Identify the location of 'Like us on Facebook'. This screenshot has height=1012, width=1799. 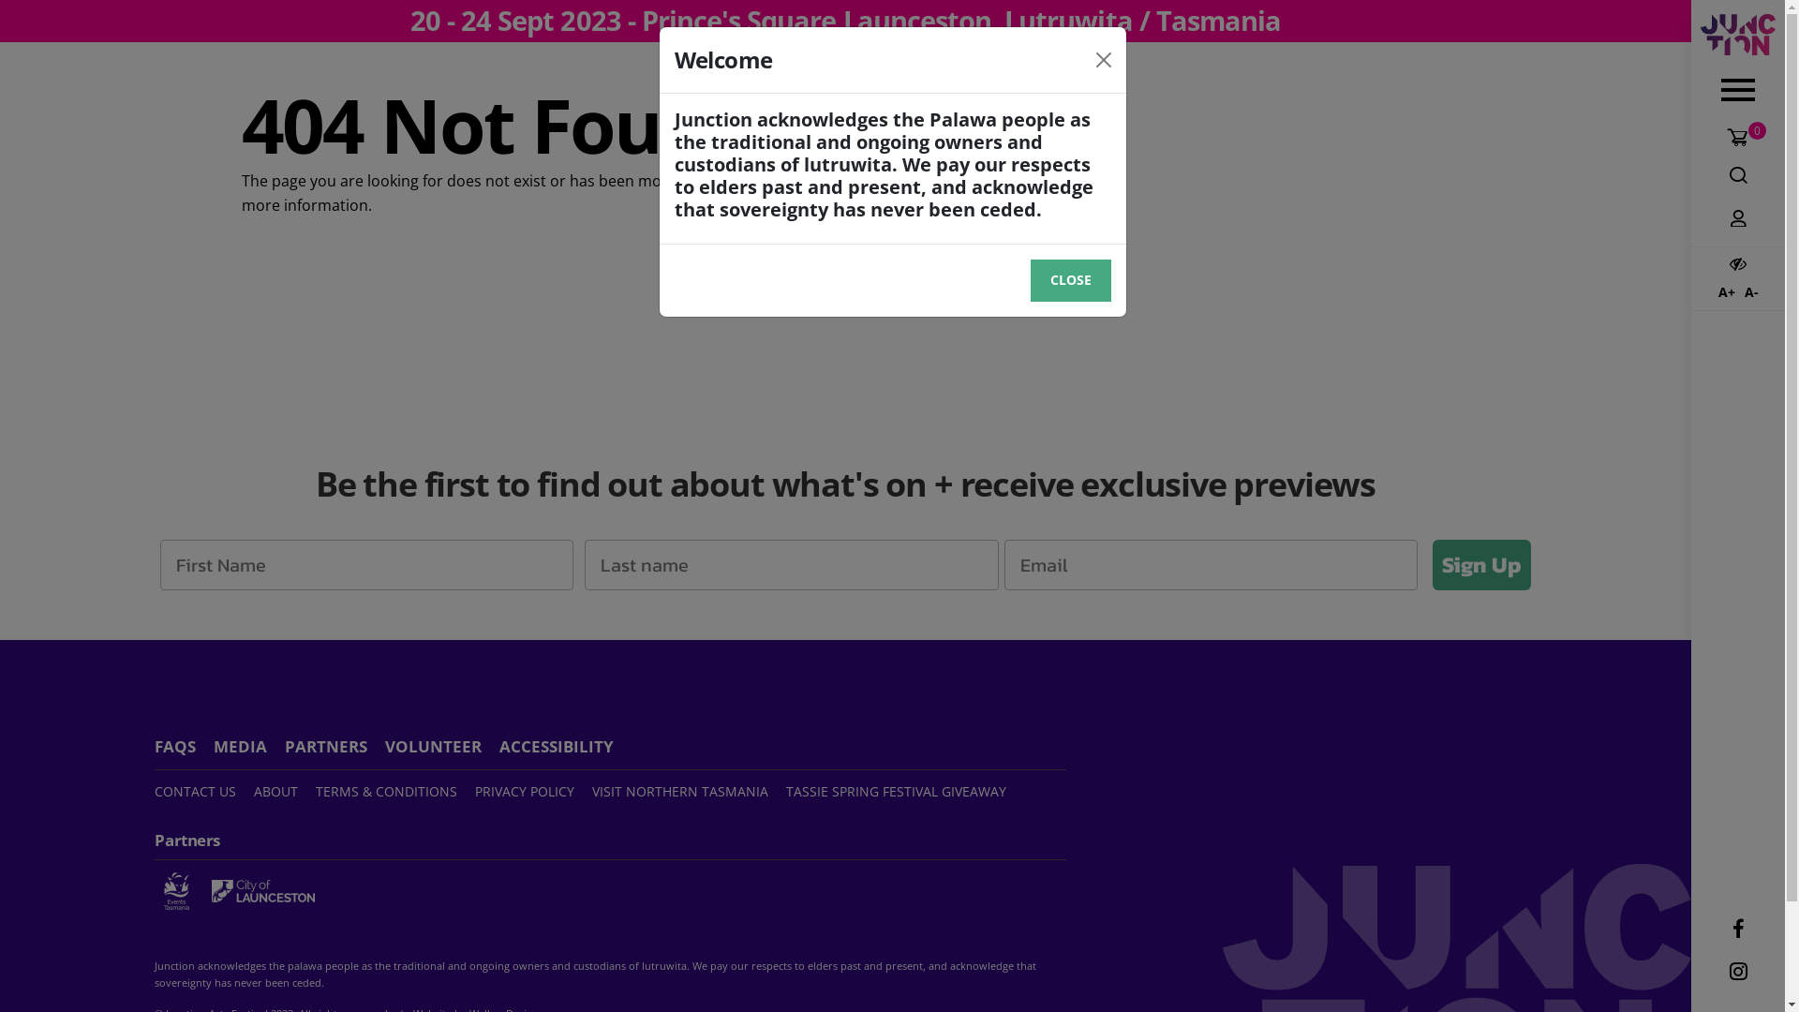
(1736, 930).